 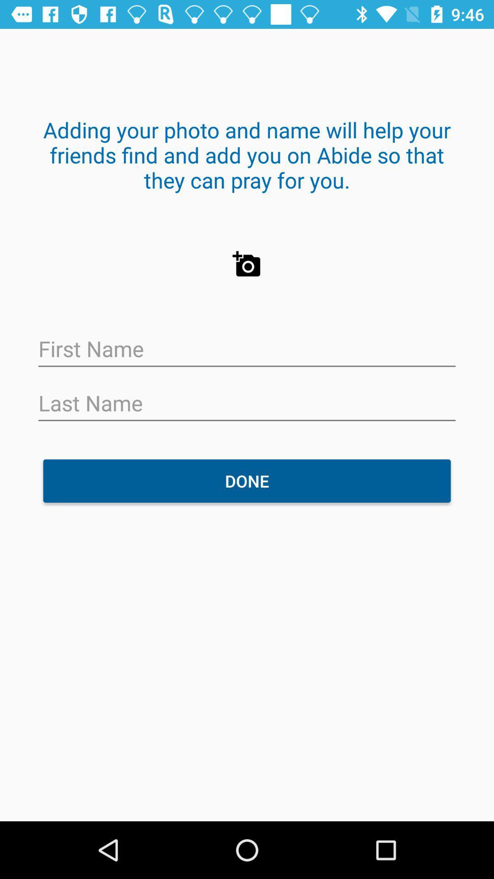 What do you see at coordinates (247, 480) in the screenshot?
I see `the done icon` at bounding box center [247, 480].